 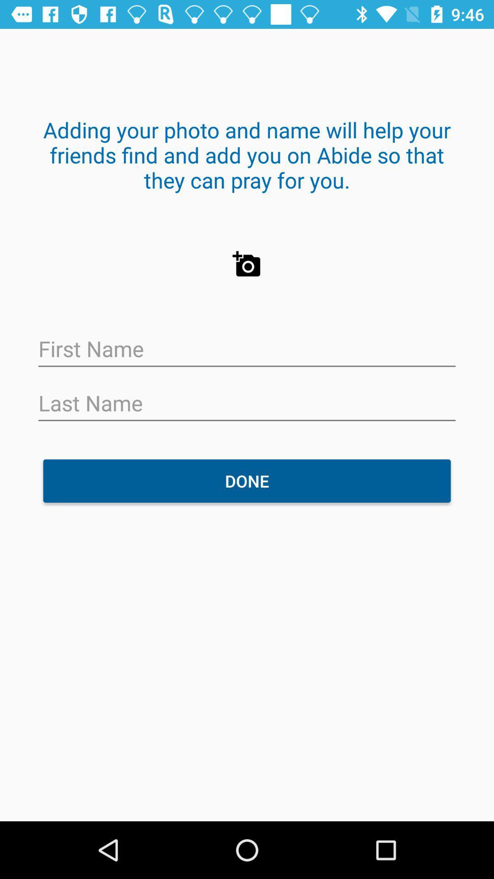 What do you see at coordinates (247, 480) in the screenshot?
I see `the done icon` at bounding box center [247, 480].